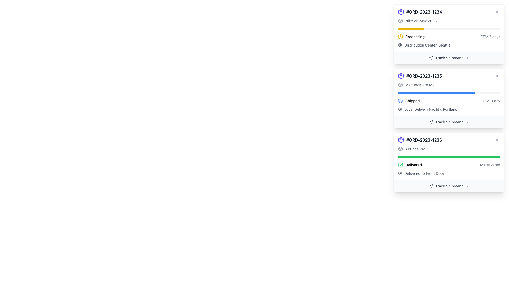 The width and height of the screenshot is (509, 286). I want to click on the package icon located in the header area of the card titled '#ORD-2023-1235', which is positioned to the immediate left of the order ID text, so click(401, 76).